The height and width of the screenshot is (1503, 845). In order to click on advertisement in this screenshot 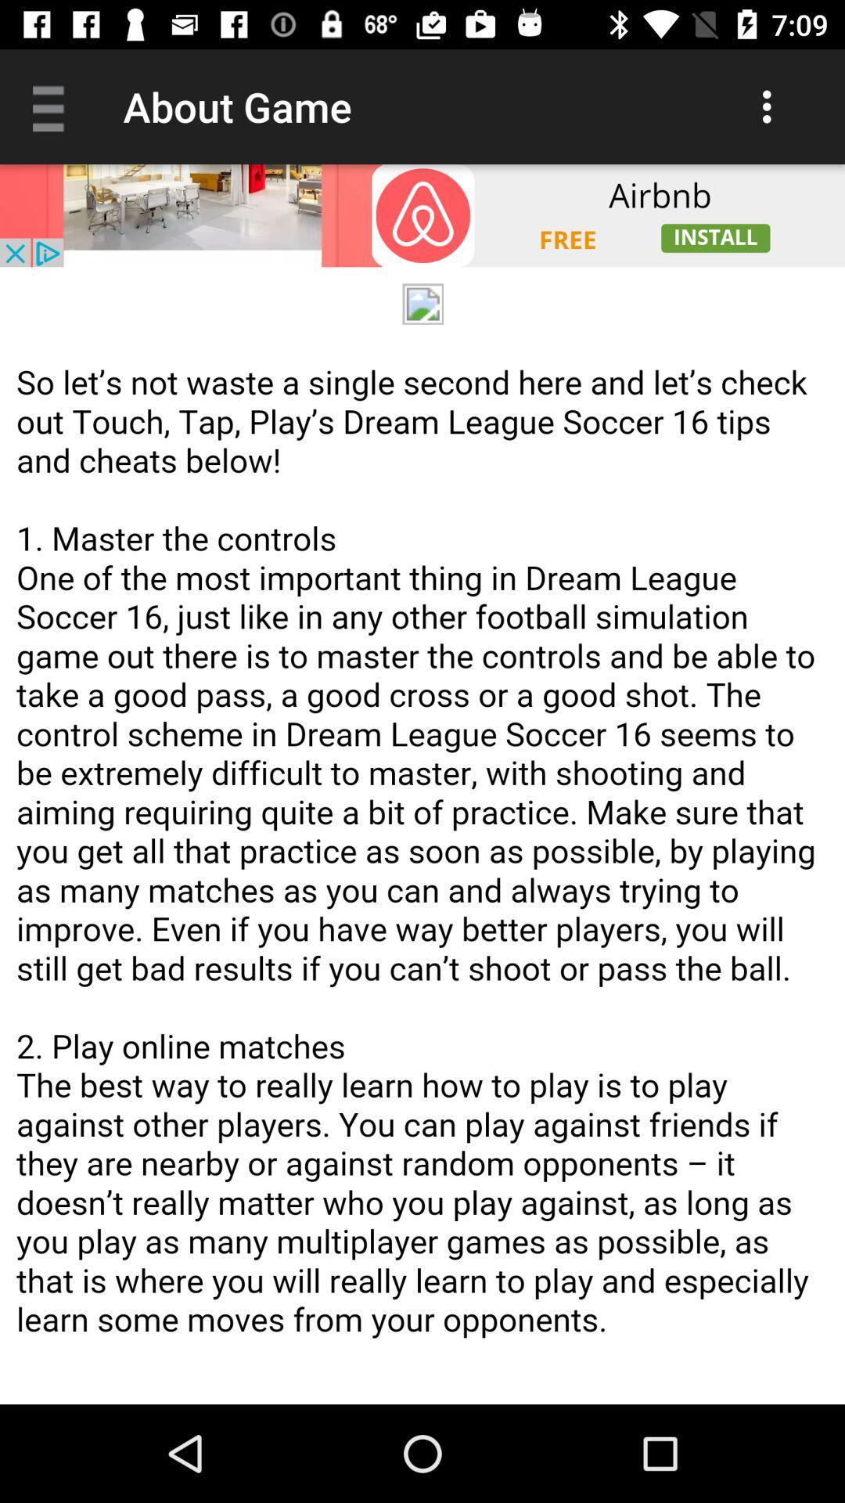, I will do `click(422, 214)`.